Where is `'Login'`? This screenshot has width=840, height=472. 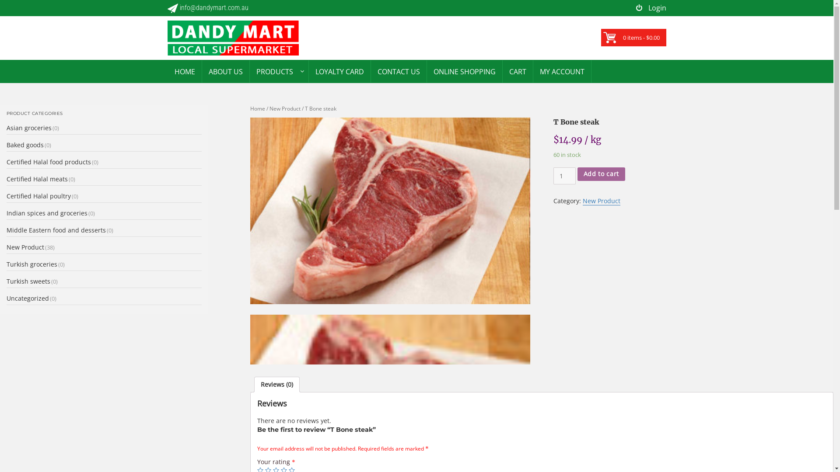
'Login' is located at coordinates (651, 8).